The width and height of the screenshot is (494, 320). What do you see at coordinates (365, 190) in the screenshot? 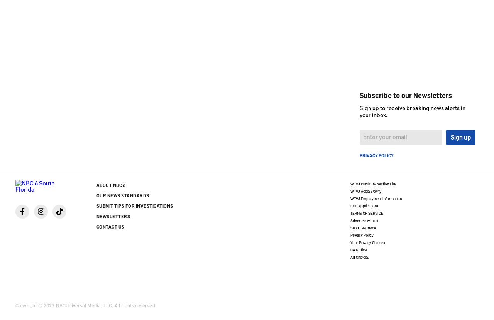
I see `'WTVJ Accessibility'` at bounding box center [365, 190].